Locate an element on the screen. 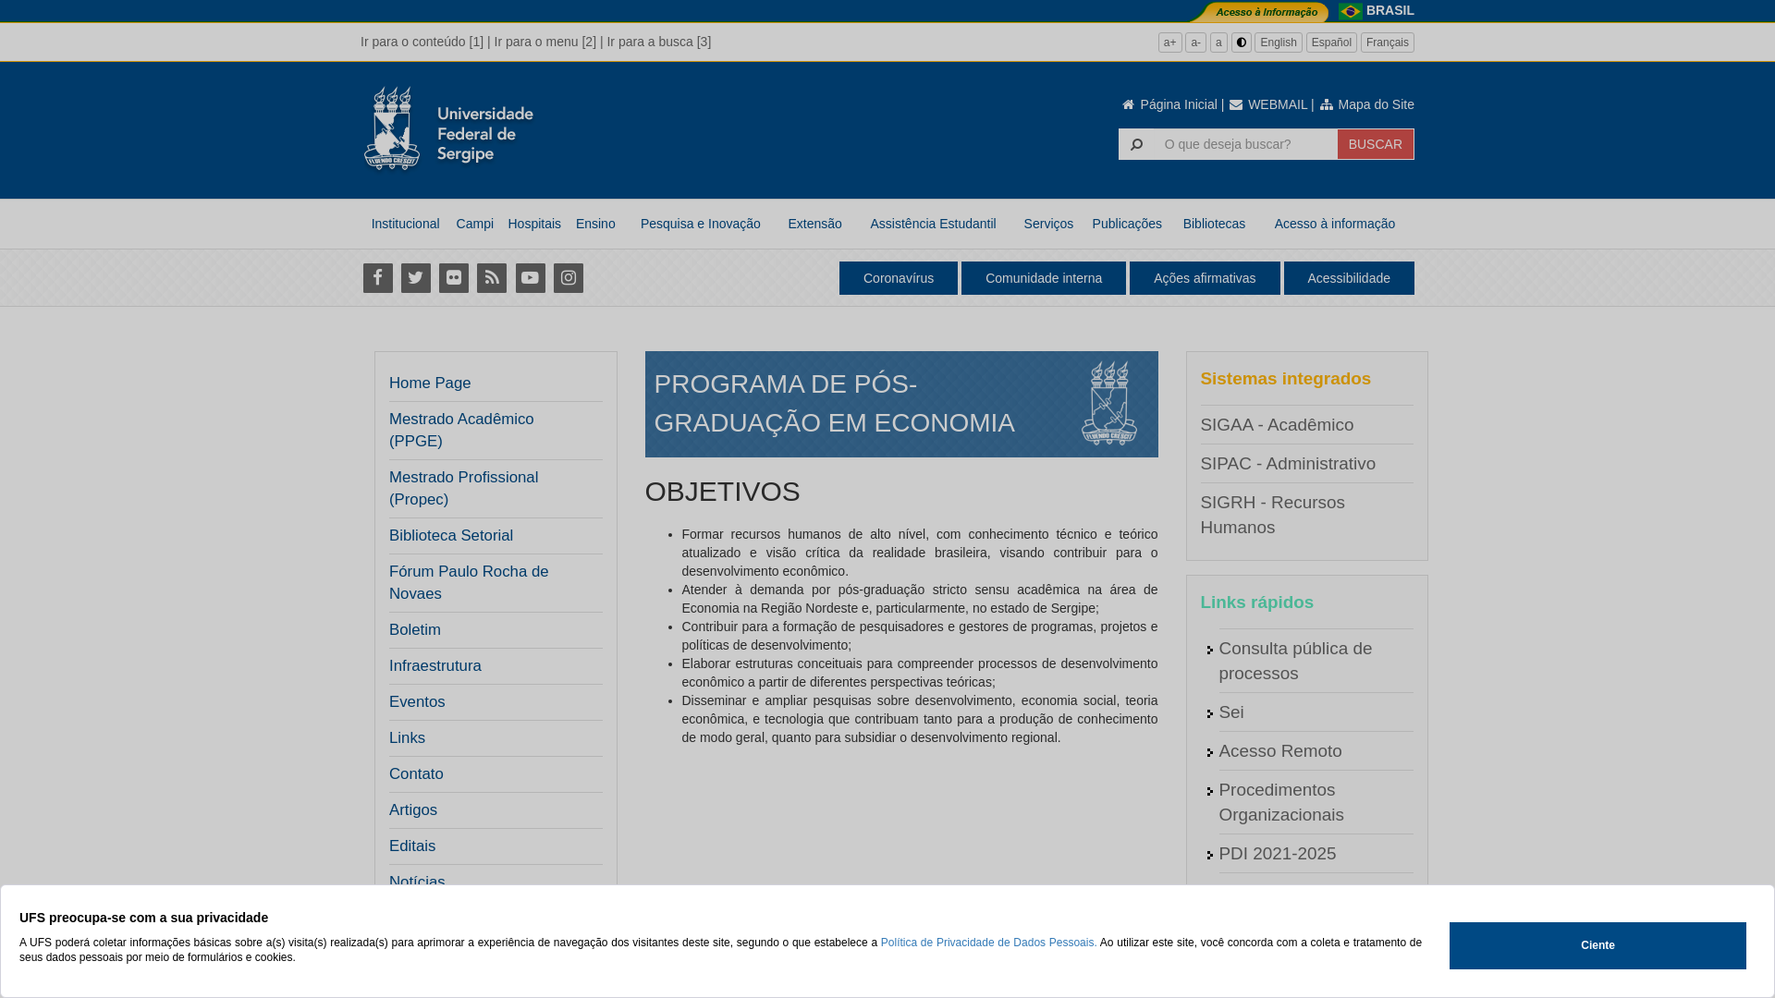 The width and height of the screenshot is (1775, 998). 'SIGRH - Recursos Humanos' is located at coordinates (1271, 514).